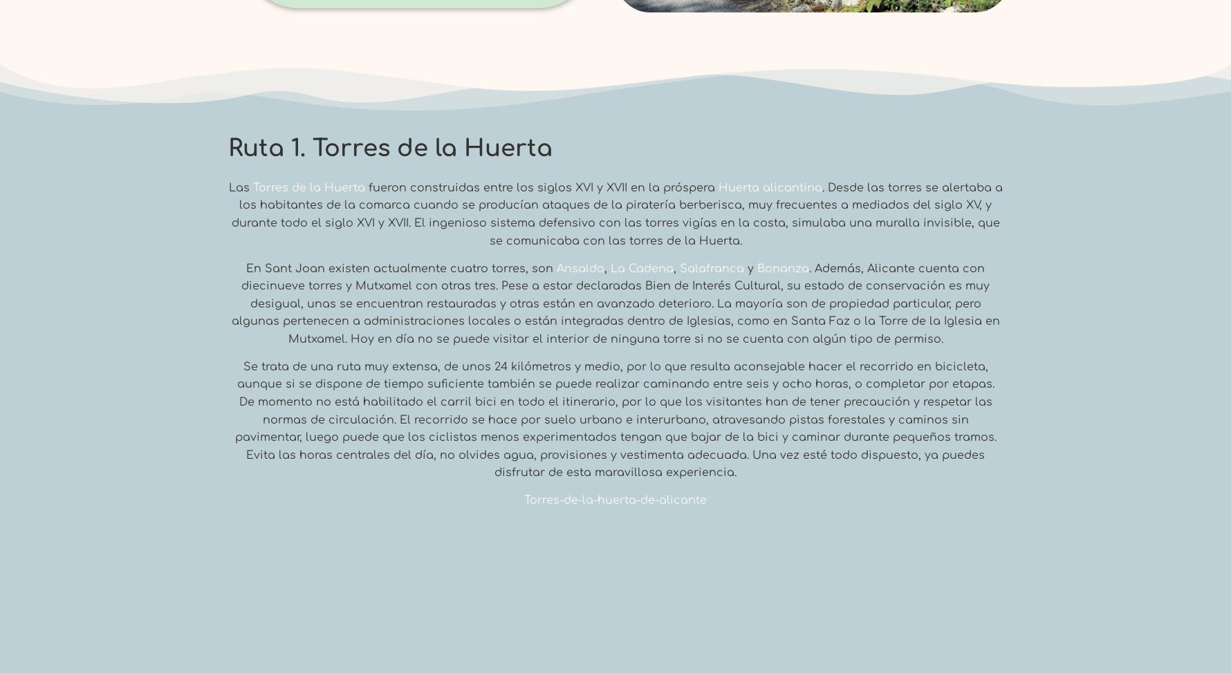  I want to click on 'Se trata de una ruta muy extensa, de unos 24 kilómetros y medio, por lo que resulta aconsejable hacer el recorrido en bicicleta, aunque si se dispone de tiempo suficiente también se puede realizar caminando entre seis y ocho horas, o completar por etapas. De momento no está habilitado el carril bici en todo el itinerario, por lo que los visitantes han de tener precaución y respetar las normas de circulación. El recorrido se hace por suelo urbano e interurbano, atravesando pistas forestales y caminos sin pavimentar, luego puede que los ciclistas menos experimentados tengan que bajar de la bici y caminar durante pequeños tramos. Evita las horas centrales del día, no olvides agua, provisiones y vestimenta adecuada. Una vez esté todo dispuesto, ya puedes disfrutar de esta maravillosa experiencia.', so click(234, 418).